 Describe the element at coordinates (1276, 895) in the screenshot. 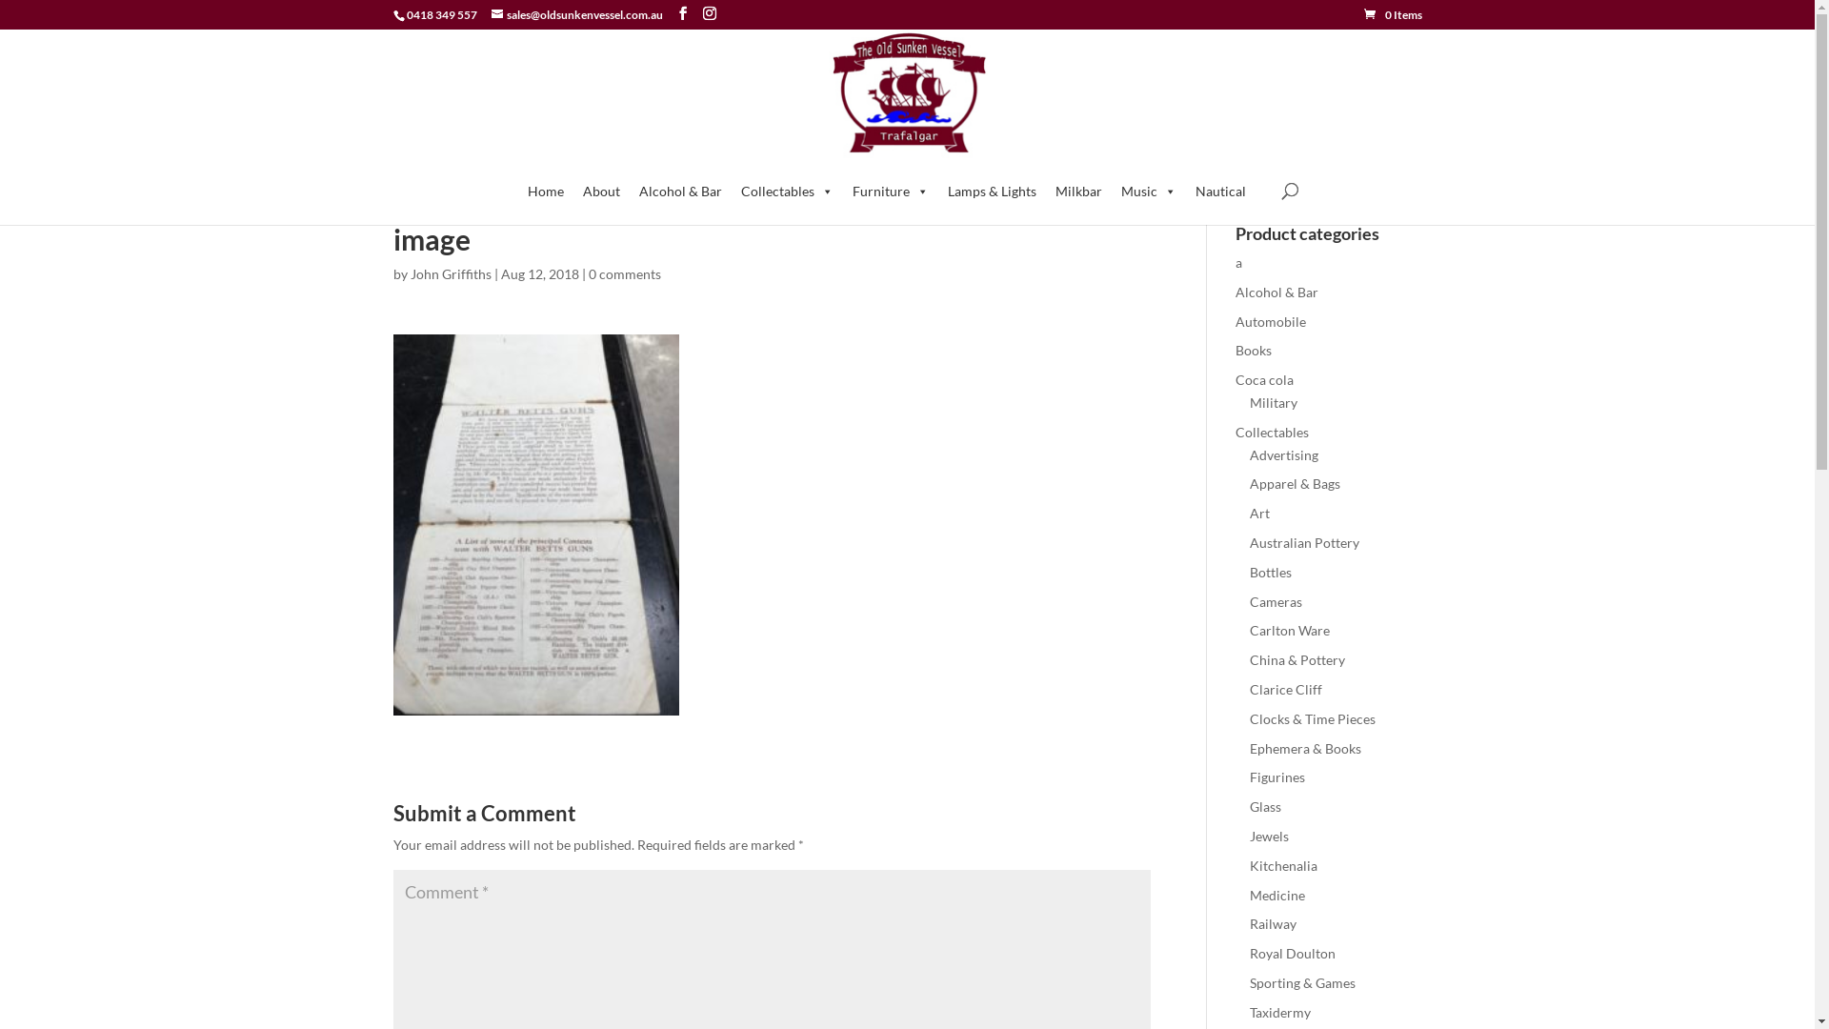

I see `'Medicine'` at that location.